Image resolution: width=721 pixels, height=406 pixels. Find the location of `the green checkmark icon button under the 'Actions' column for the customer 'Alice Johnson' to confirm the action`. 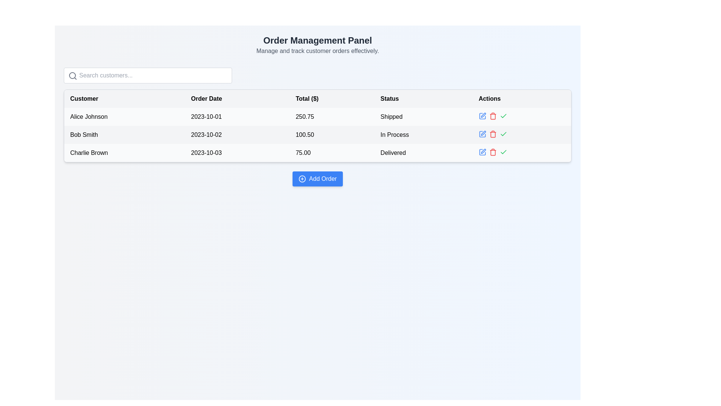

the green checkmark icon button under the 'Actions' column for the customer 'Alice Johnson' to confirm the action is located at coordinates (503, 116).